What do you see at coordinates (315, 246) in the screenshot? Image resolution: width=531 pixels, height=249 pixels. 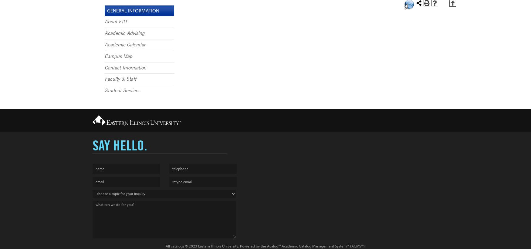 I see `'Acalog™ Academic Catalog Management System™ (ACMS™)'` at bounding box center [315, 246].